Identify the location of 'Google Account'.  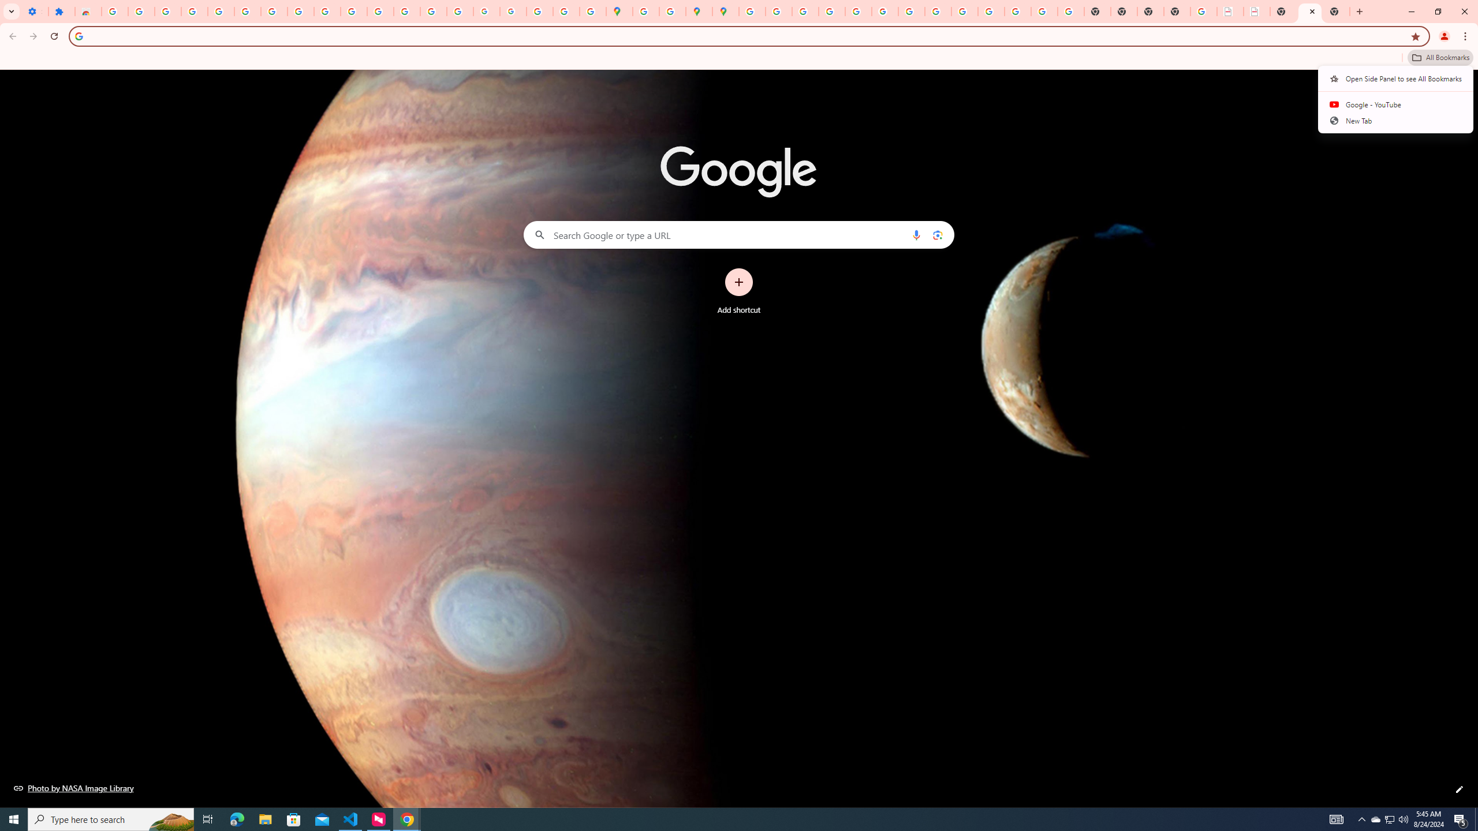
(300, 11).